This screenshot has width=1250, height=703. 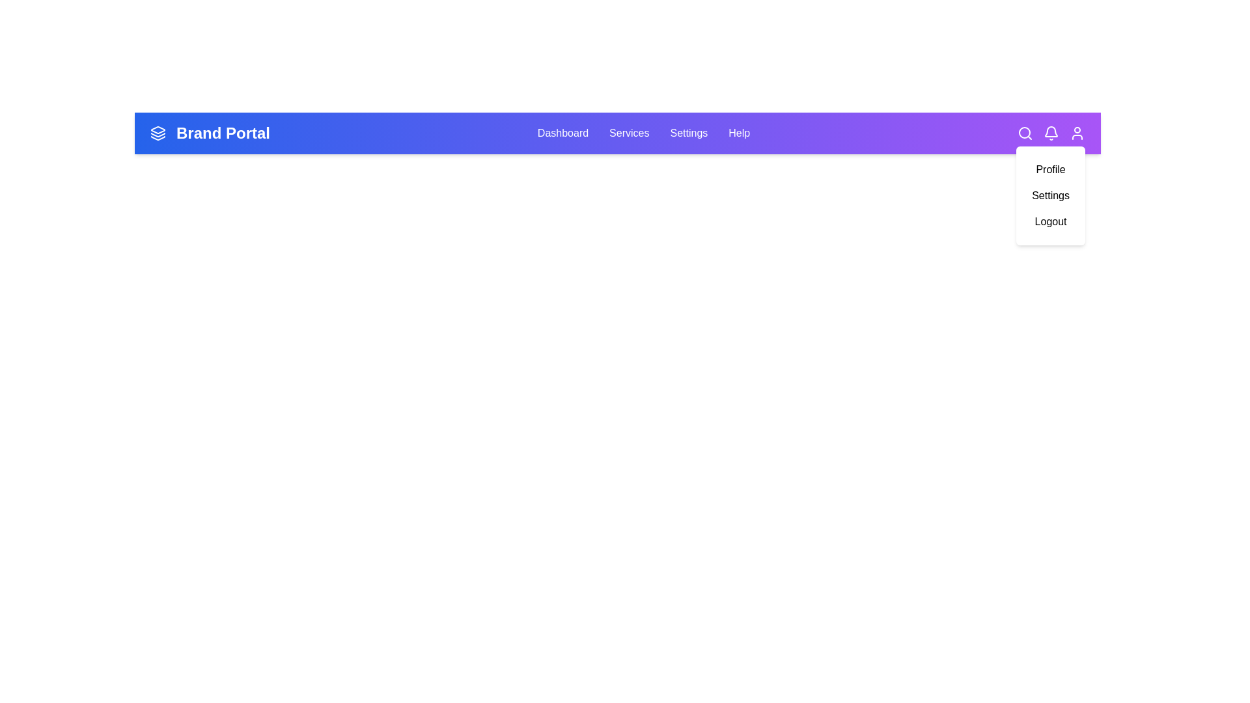 What do you see at coordinates (562, 133) in the screenshot?
I see `the first option in the horizontal navigation menu, which is a hyperlink that redirects to the 'Dashboard' section, to observe visual feedback` at bounding box center [562, 133].